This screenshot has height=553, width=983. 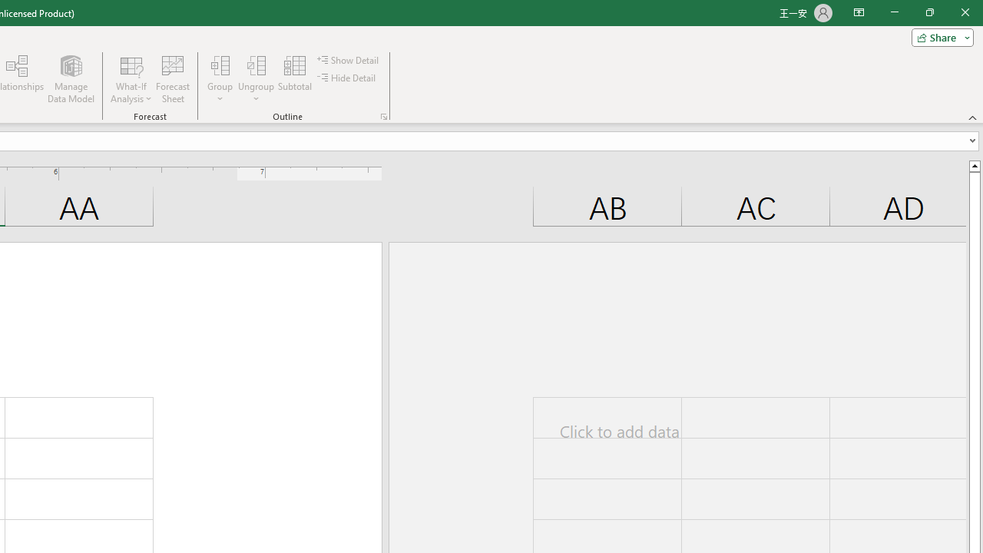 I want to click on 'Forecast Sheet', so click(x=173, y=79).